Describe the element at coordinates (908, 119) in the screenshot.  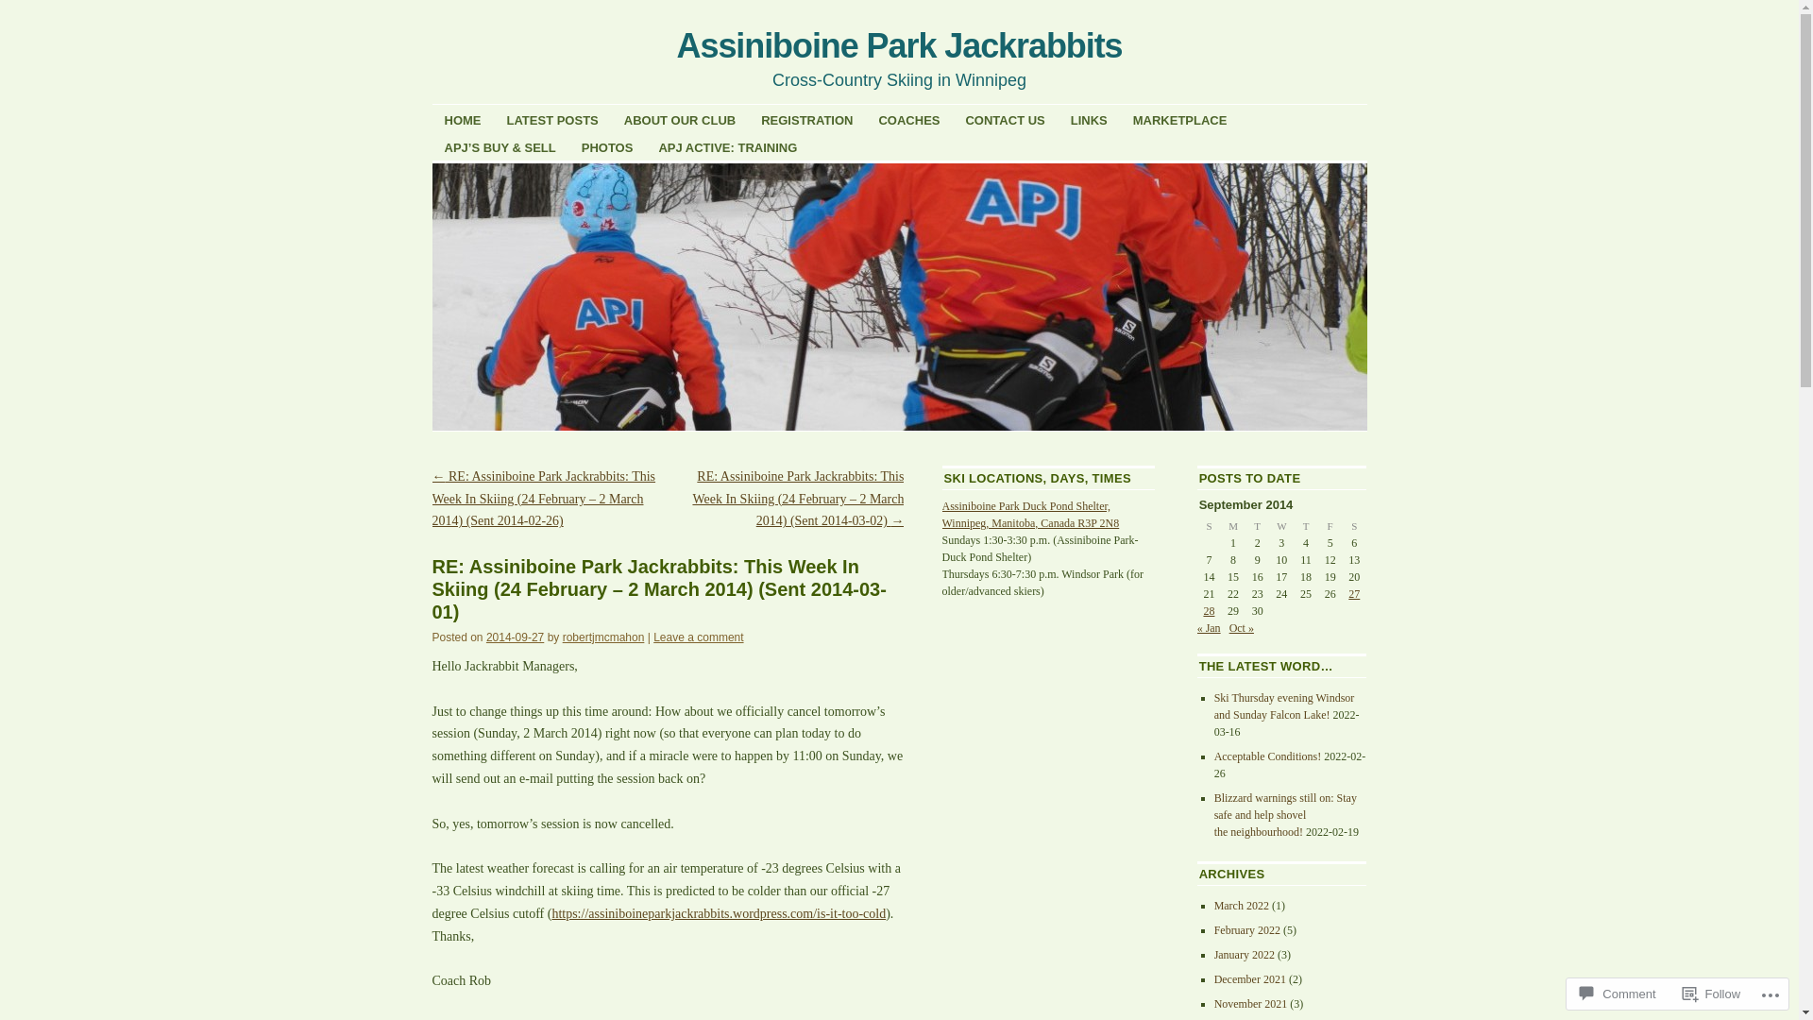
I see `'COACHES'` at that location.